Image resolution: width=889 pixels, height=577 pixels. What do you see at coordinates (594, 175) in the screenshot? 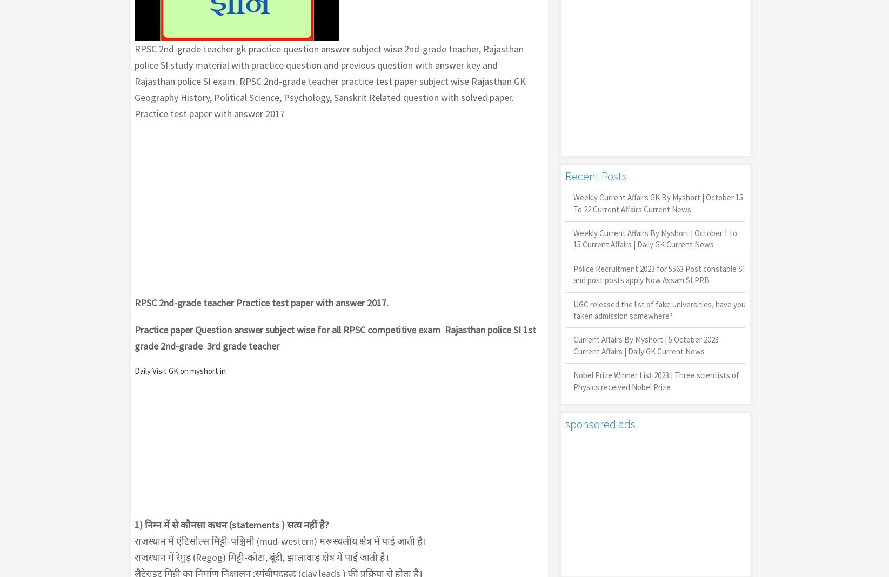
I see `'Recent Posts'` at bounding box center [594, 175].